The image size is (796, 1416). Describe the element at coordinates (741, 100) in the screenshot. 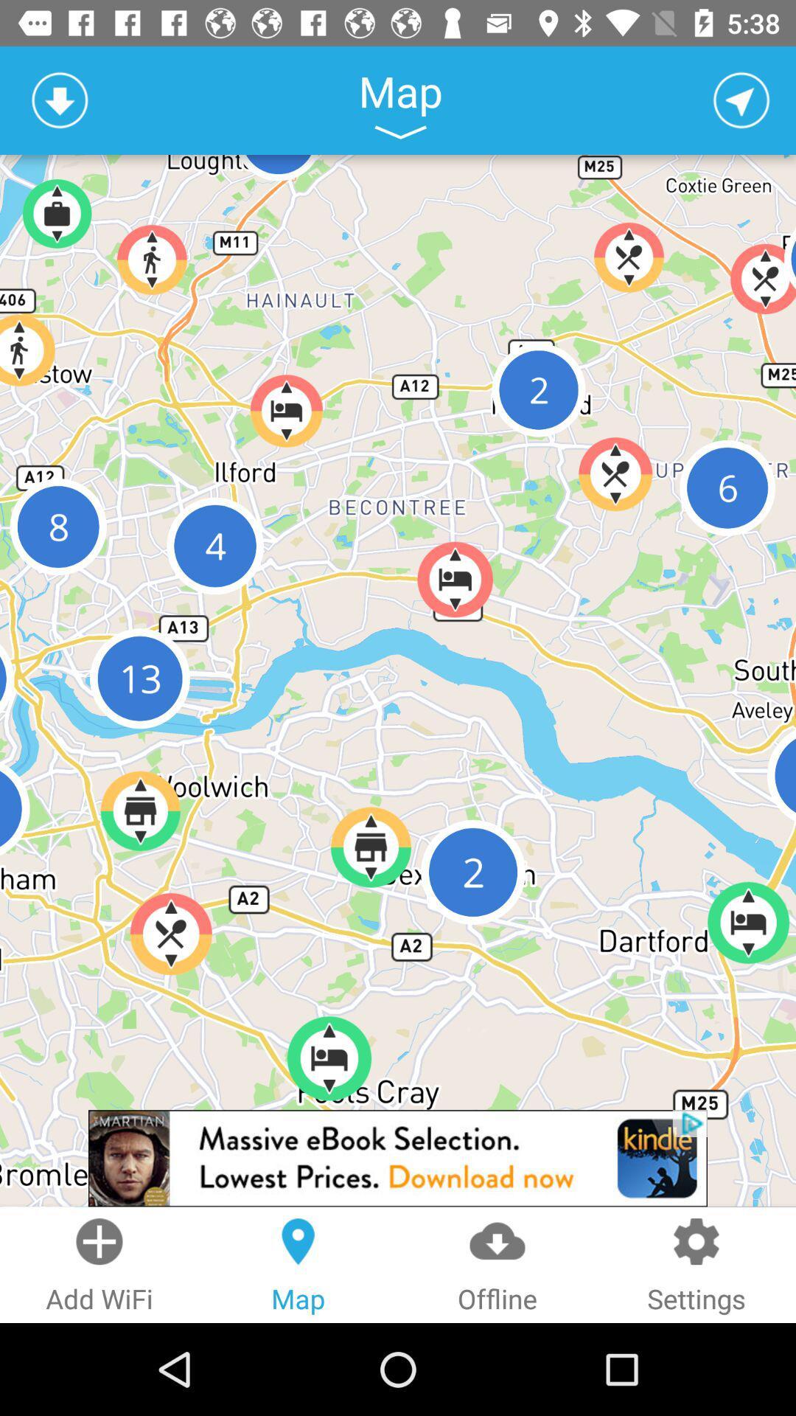

I see `option` at that location.